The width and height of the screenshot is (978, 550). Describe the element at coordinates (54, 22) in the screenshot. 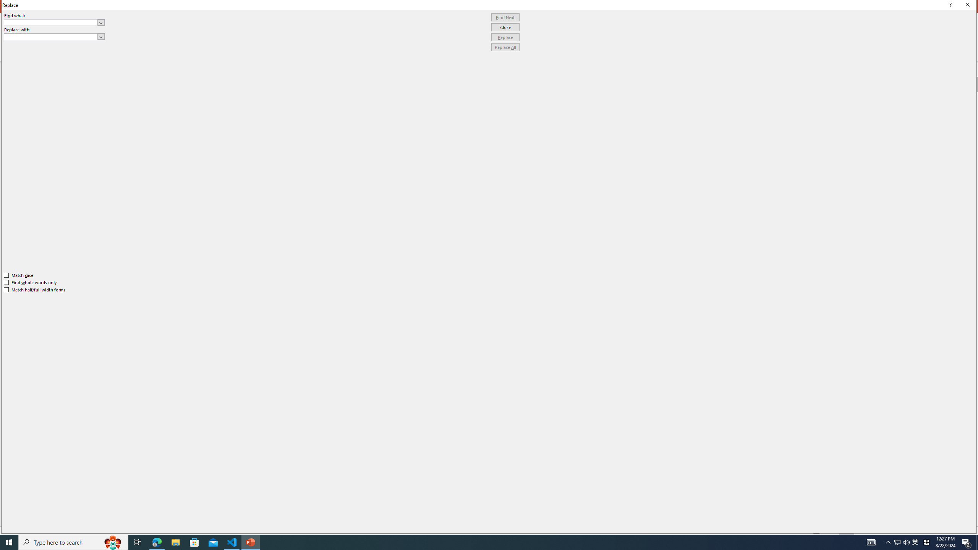

I see `'Find what'` at that location.